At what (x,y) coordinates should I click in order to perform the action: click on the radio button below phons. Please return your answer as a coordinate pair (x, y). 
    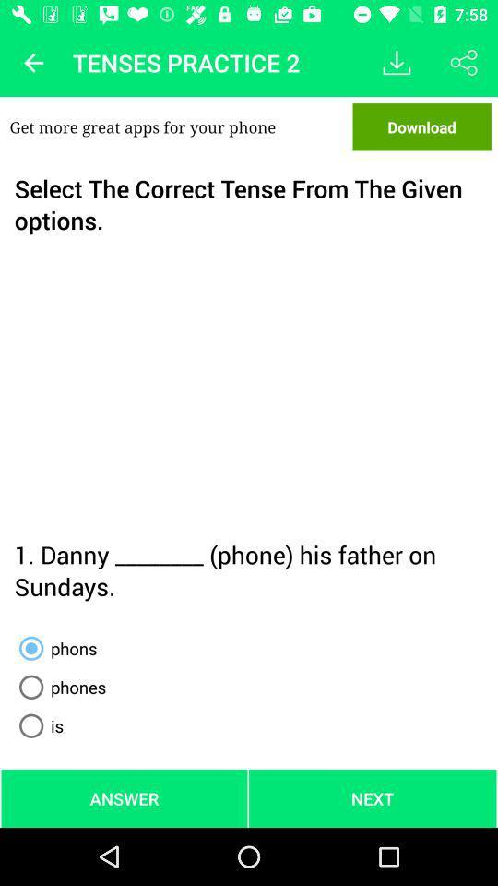
    Looking at the image, I should click on (59, 686).